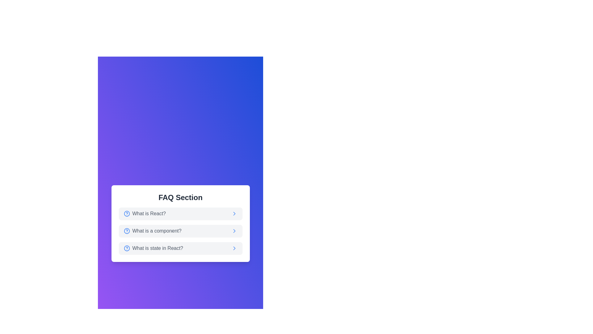  Describe the element at coordinates (126, 231) in the screenshot. I see `the leading icon for the FAQ item 'What is a component?' which is positioned to the left of the text in the FAQ section` at that location.